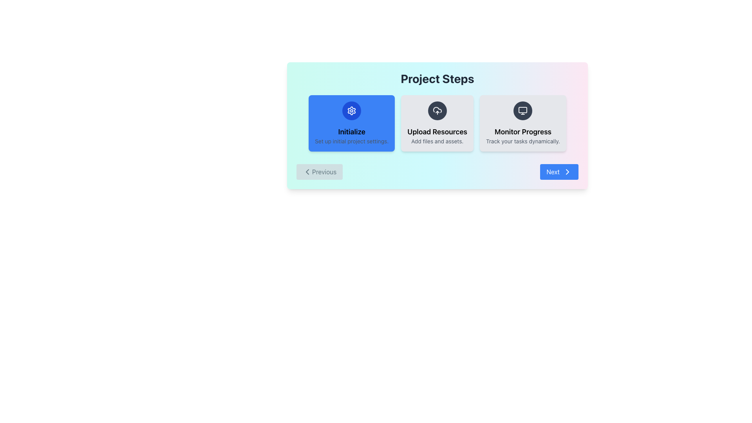 The height and width of the screenshot is (423, 752). I want to click on the navigation icon located to the left of the 'Previous' button in the bottom-left corner of the interface, so click(307, 172).